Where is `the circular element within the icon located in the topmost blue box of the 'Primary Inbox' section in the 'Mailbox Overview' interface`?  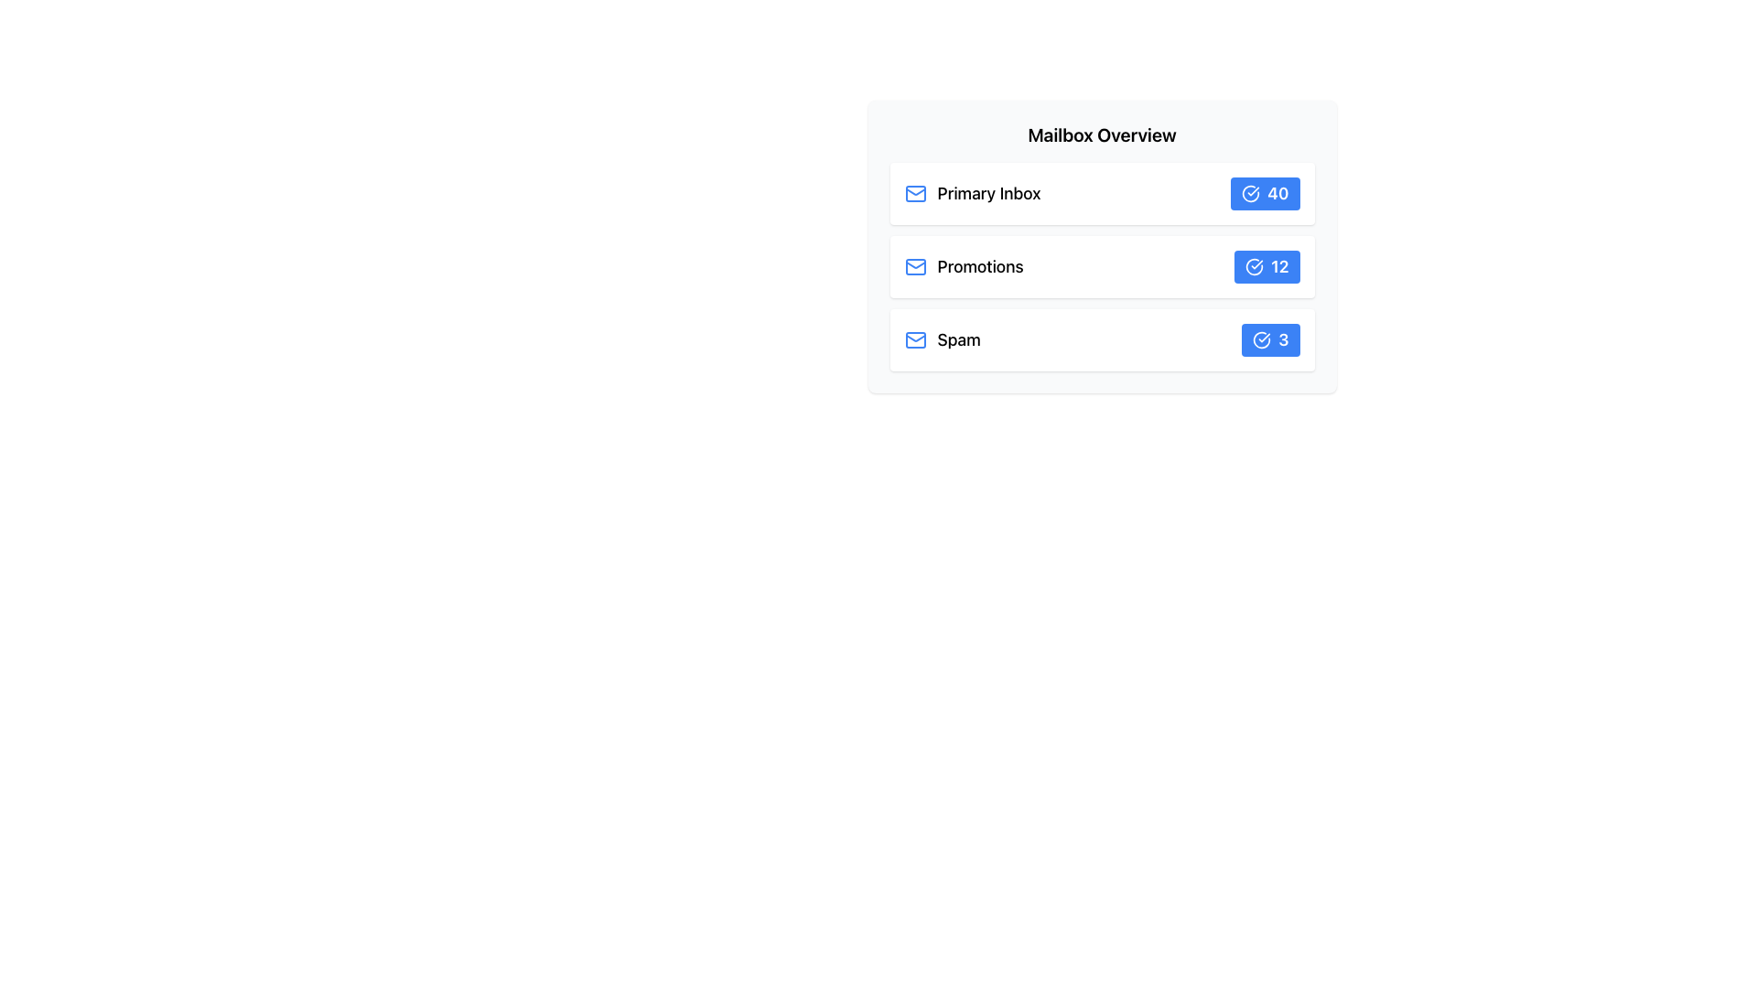 the circular element within the icon located in the topmost blue box of the 'Primary Inbox' section in the 'Mailbox Overview' interface is located at coordinates (1250, 194).